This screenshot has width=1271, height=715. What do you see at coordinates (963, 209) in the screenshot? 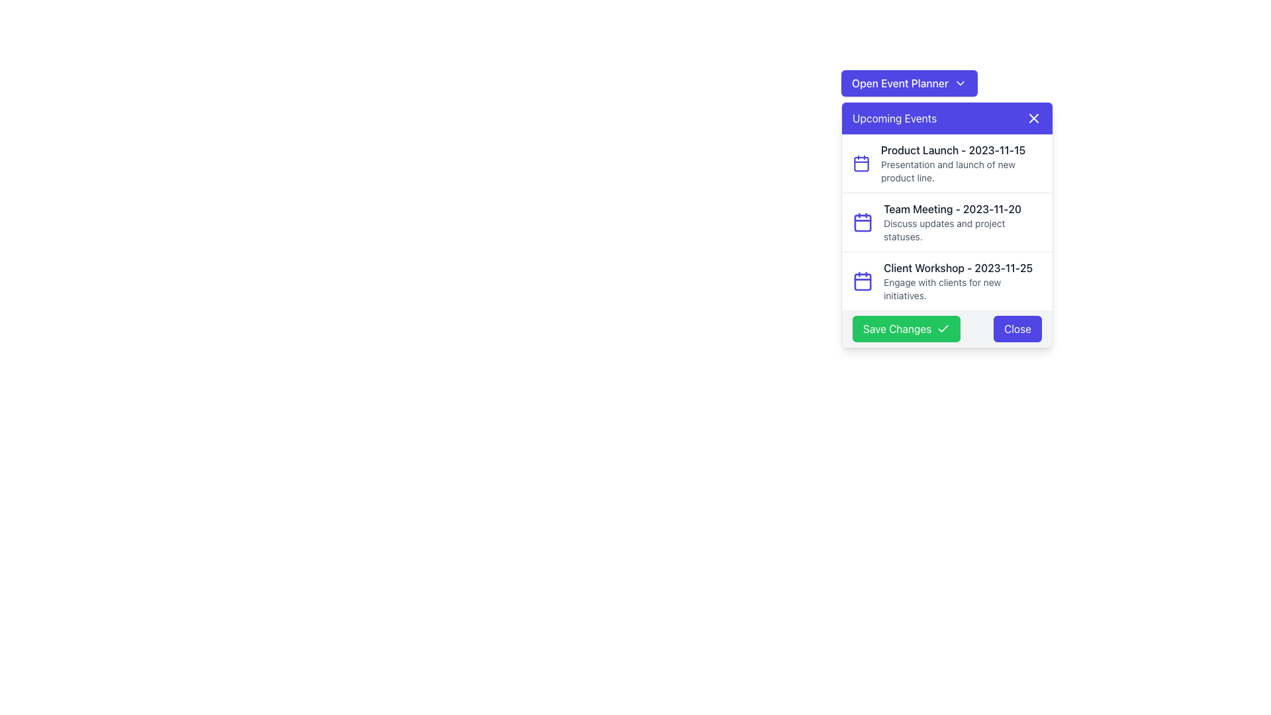
I see `the event title text element located in the Upcoming Events section, which displays the event name and date` at bounding box center [963, 209].